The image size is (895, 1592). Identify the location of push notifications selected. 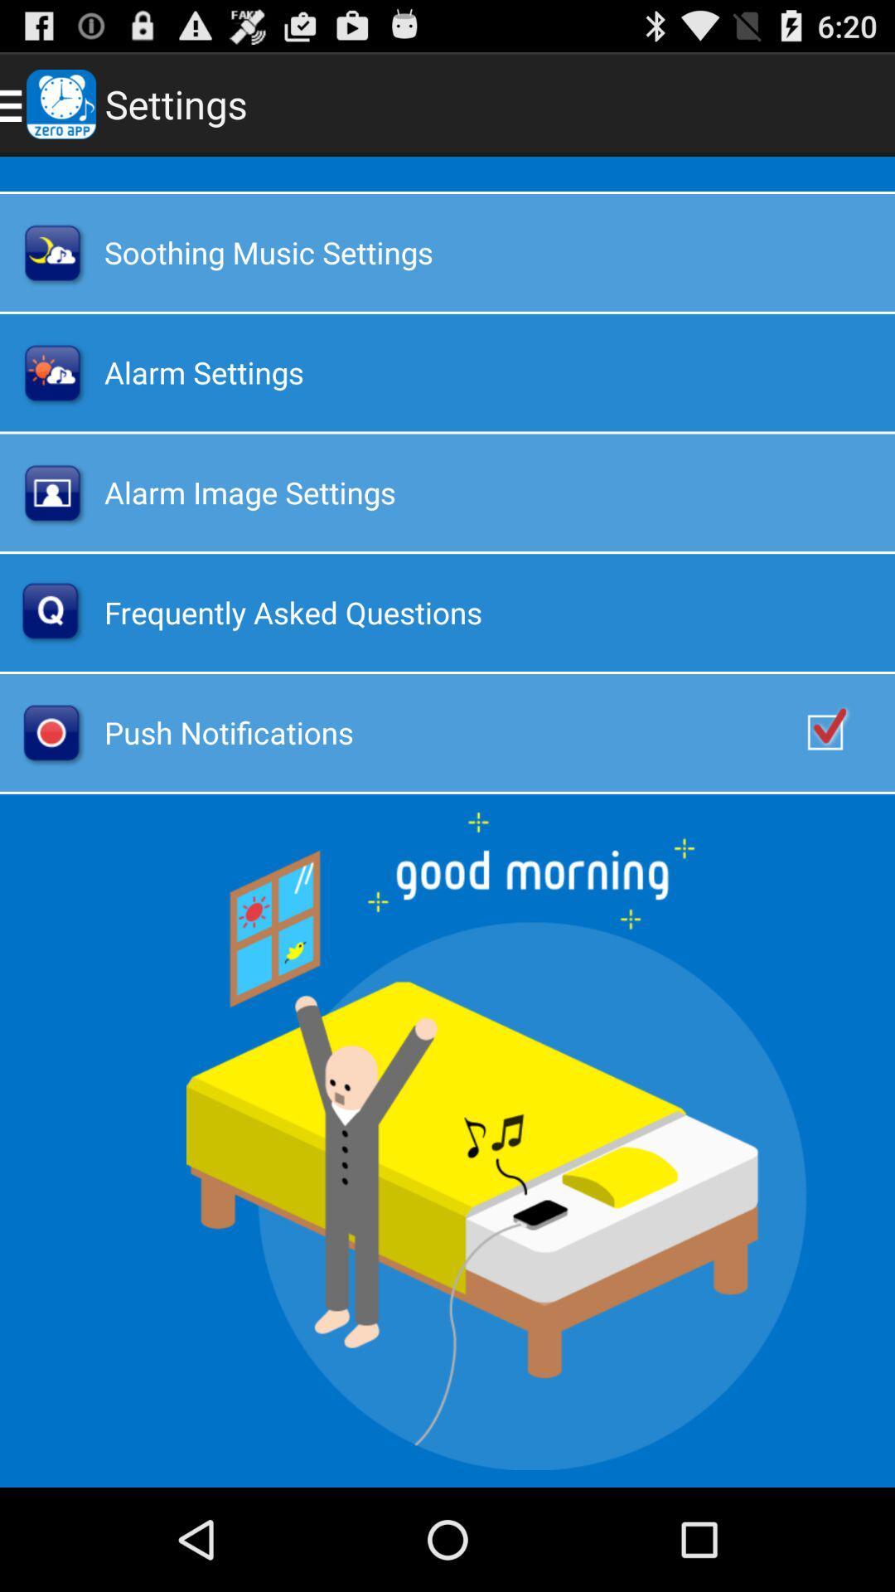
(843, 731).